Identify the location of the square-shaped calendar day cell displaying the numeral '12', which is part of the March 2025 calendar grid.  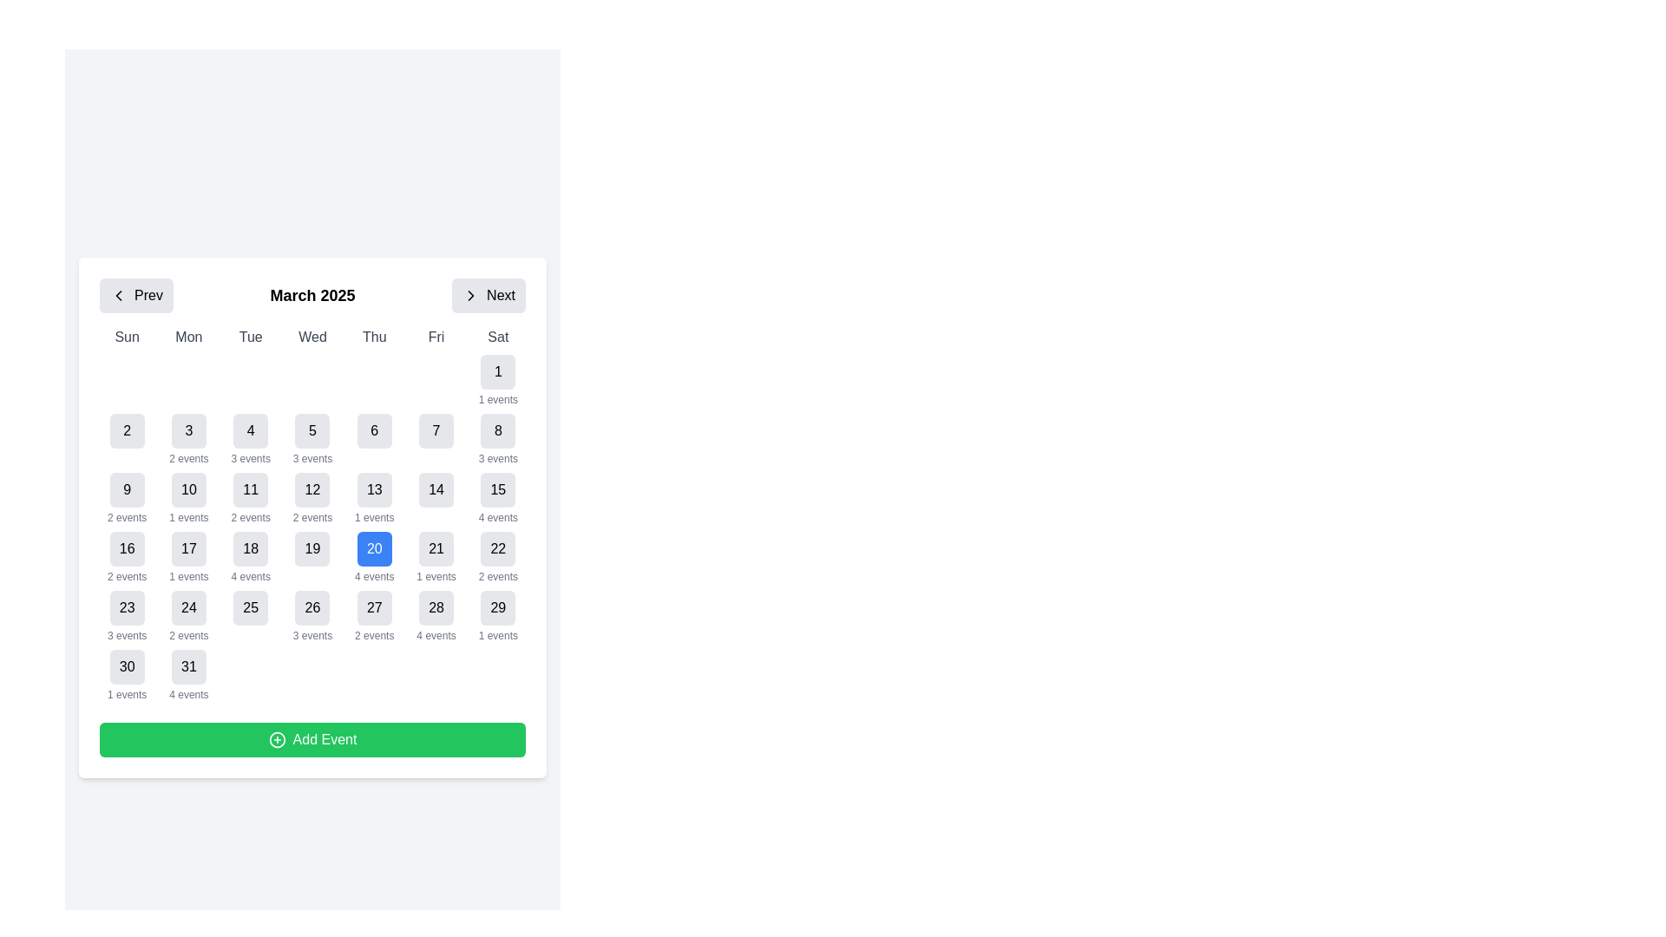
(312, 489).